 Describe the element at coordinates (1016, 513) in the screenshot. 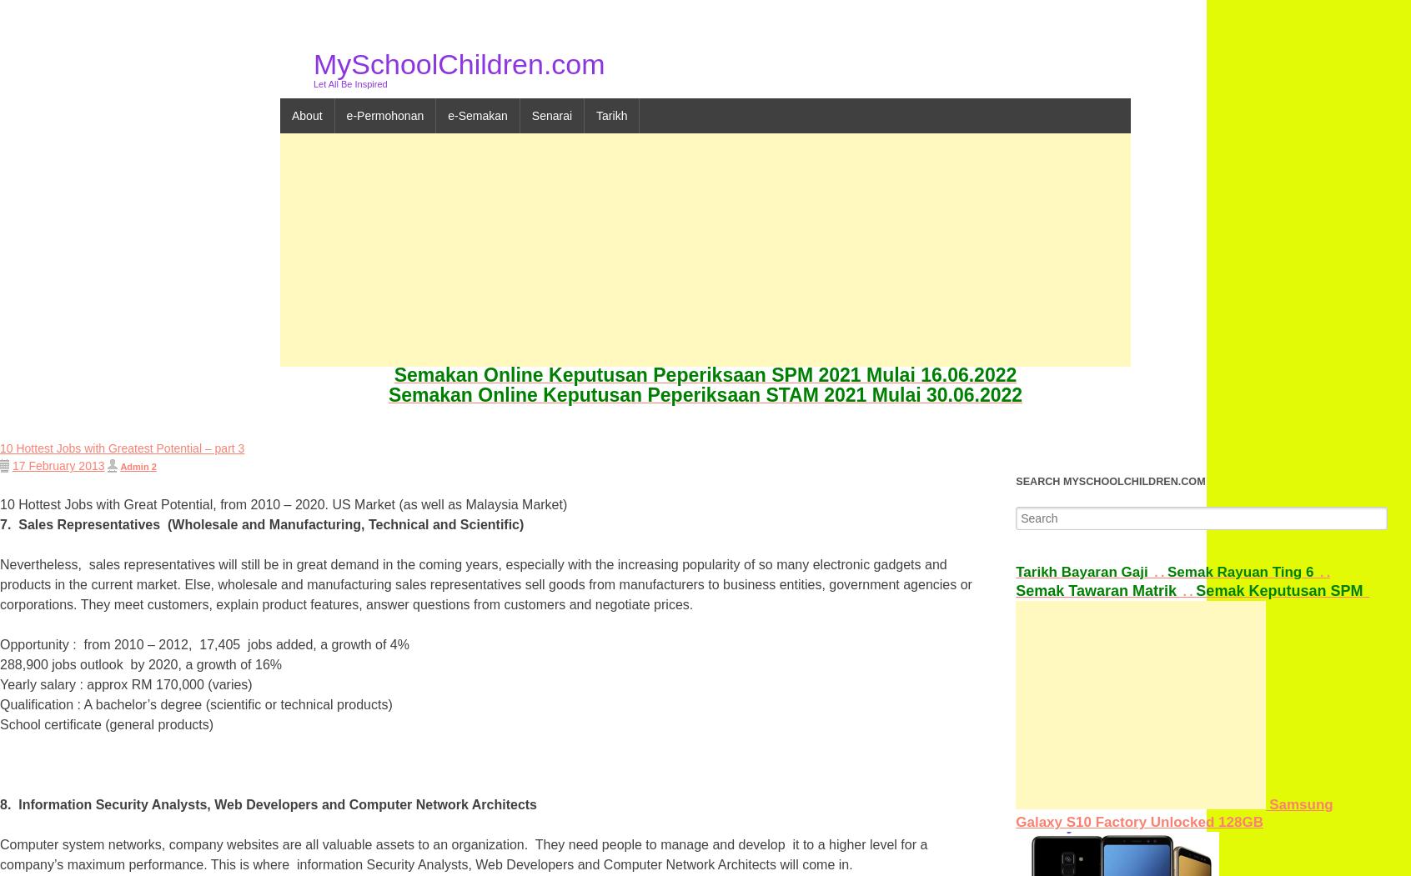

I see `'Search for:'` at that location.